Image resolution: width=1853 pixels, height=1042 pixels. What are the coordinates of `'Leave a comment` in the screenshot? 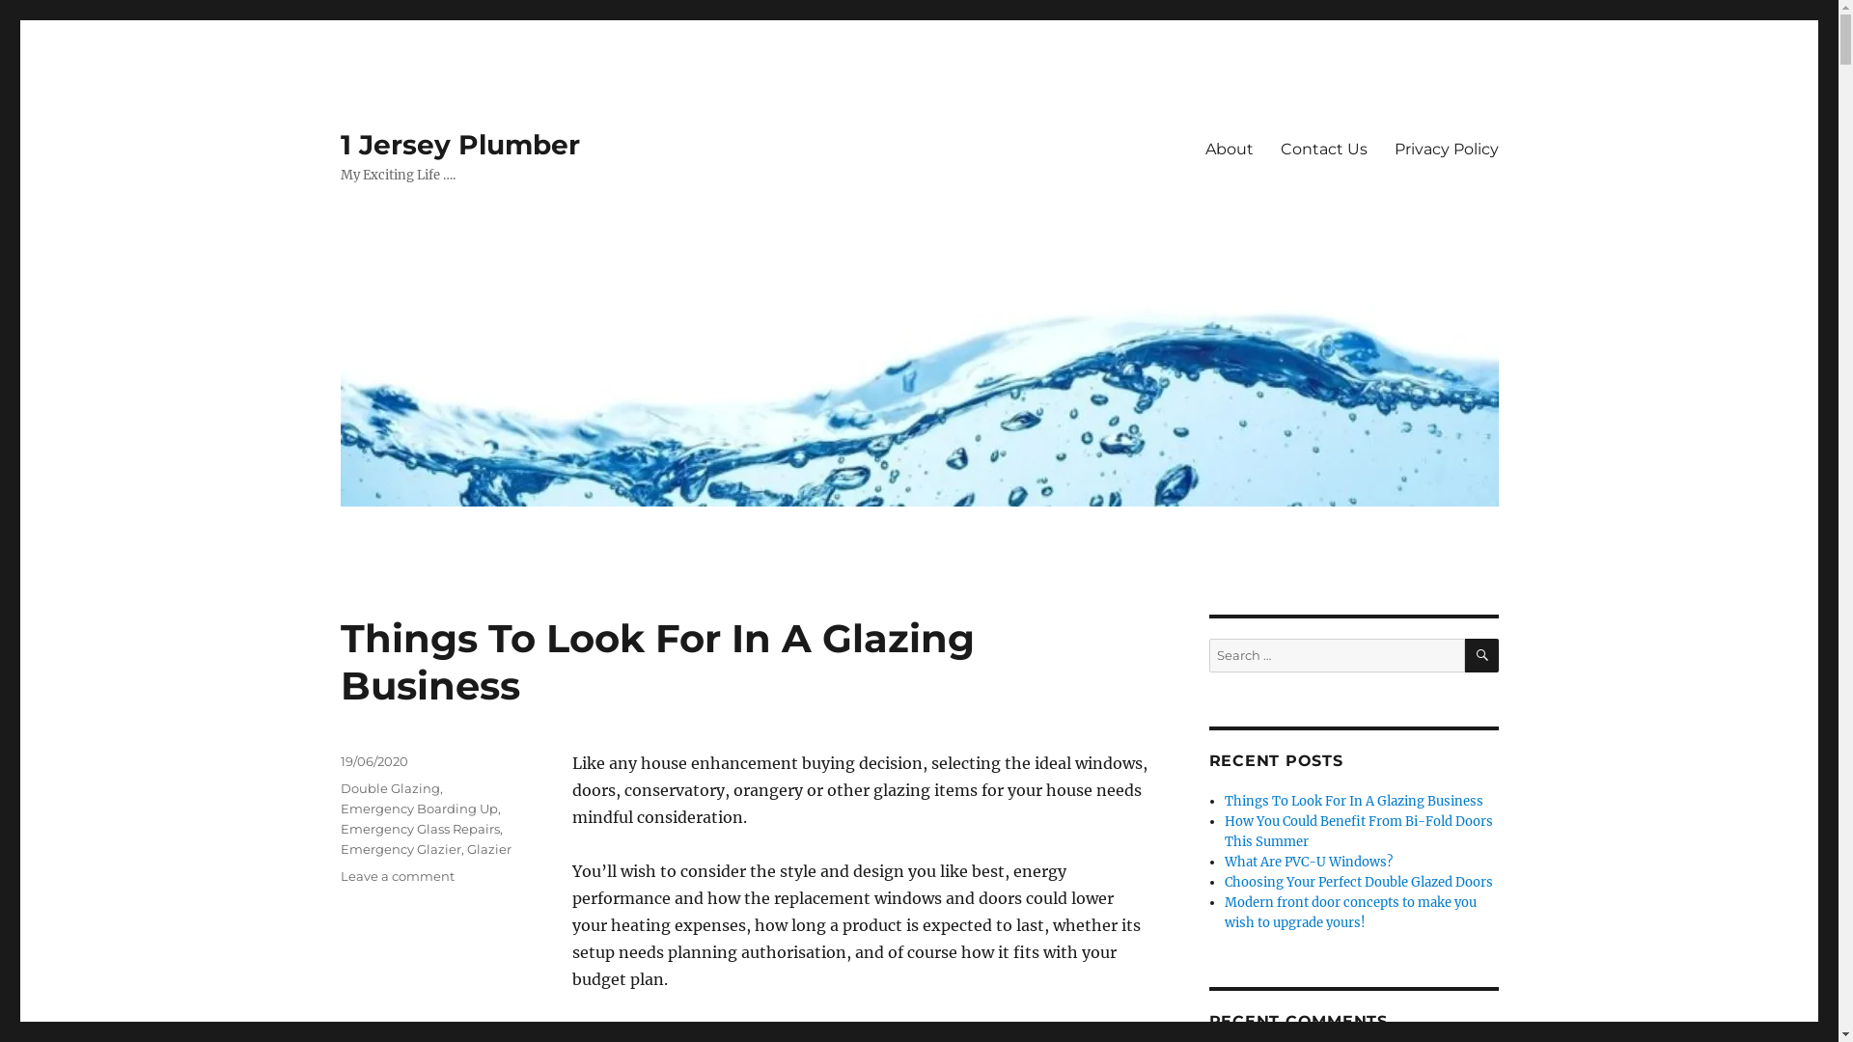 It's located at (396, 875).